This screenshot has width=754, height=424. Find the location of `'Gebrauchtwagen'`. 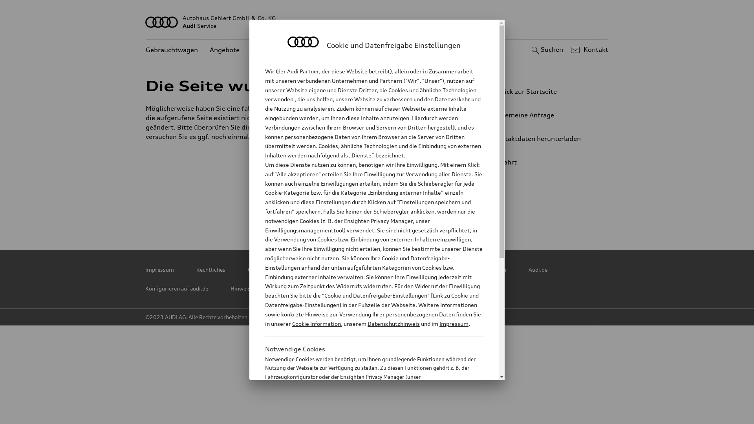

'Gebrauchtwagen' is located at coordinates (171, 50).